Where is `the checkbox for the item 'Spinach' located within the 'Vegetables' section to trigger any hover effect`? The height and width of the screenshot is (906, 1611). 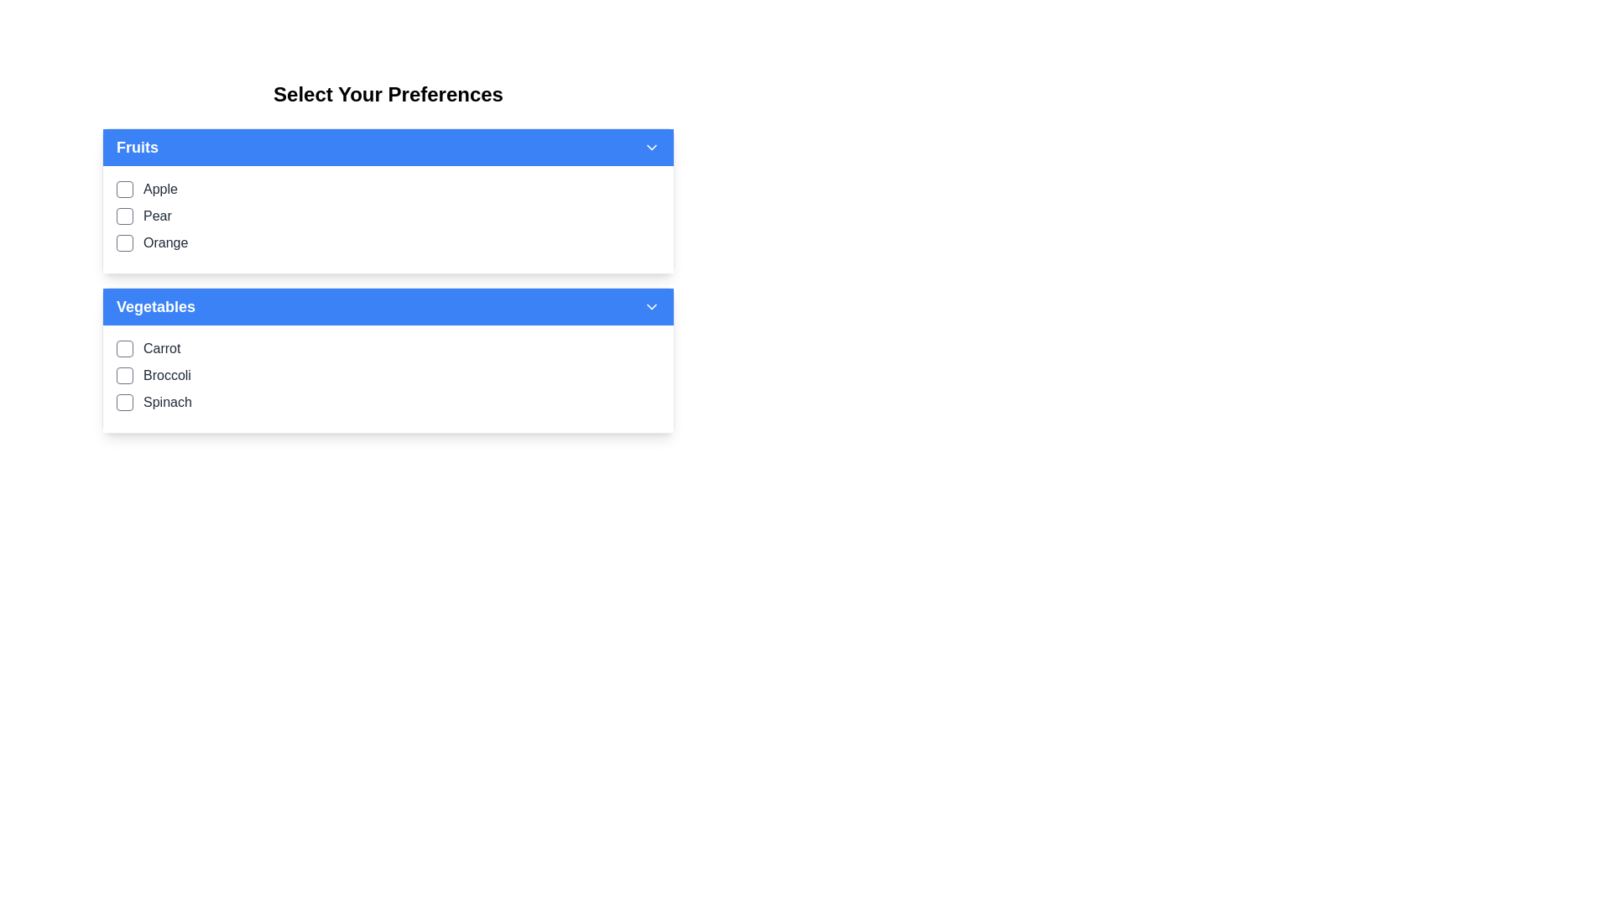 the checkbox for the item 'Spinach' located within the 'Vegetables' section to trigger any hover effect is located at coordinates (123, 402).